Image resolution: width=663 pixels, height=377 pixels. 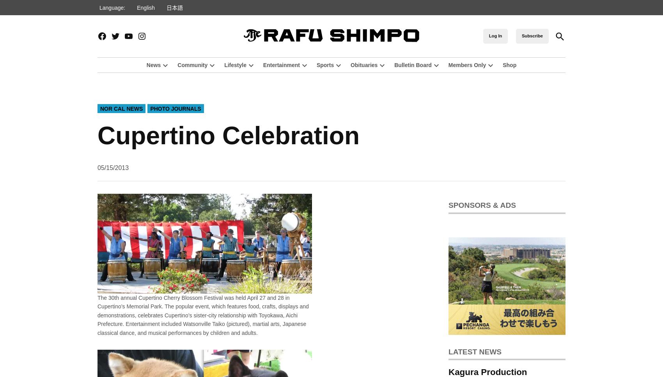 I want to click on 'Members Only', so click(x=466, y=65).